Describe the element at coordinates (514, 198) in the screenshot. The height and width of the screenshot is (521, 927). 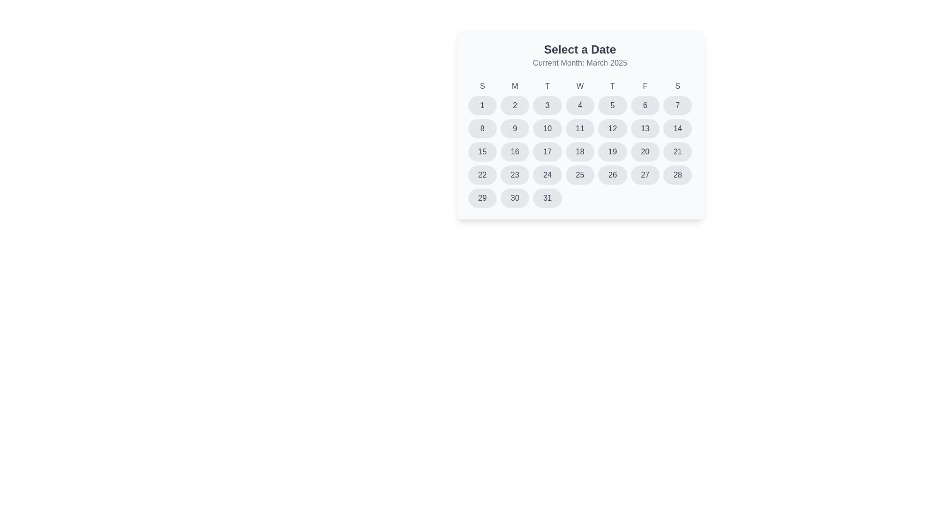
I see `the button that selects the date '30' in the calendar layout, located in the bottom row, second last column` at that location.